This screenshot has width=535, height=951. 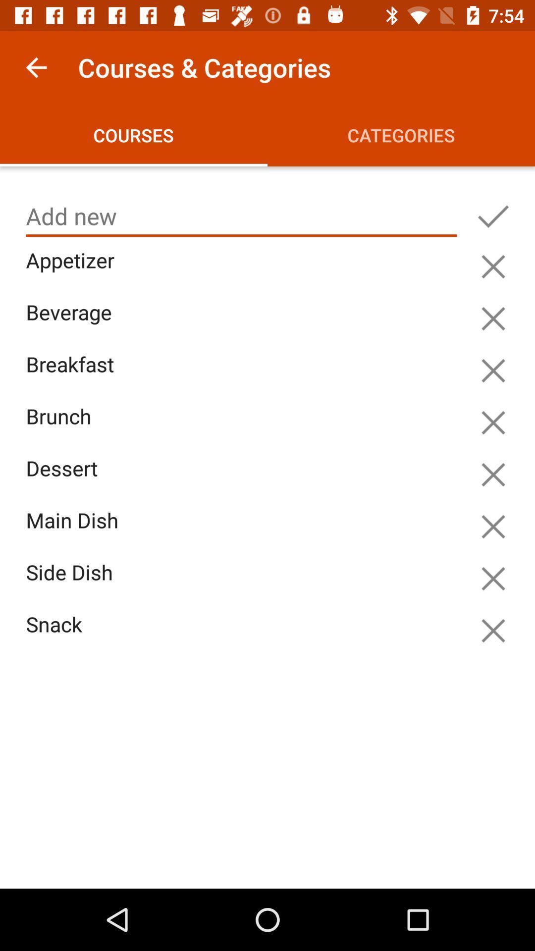 What do you see at coordinates (493, 216) in the screenshot?
I see `what to add` at bounding box center [493, 216].